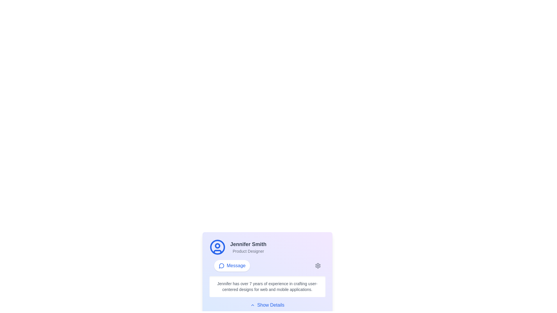 The image size is (557, 313). I want to click on attention on the User Profile Header featuring the avatar icon and the name 'Jennifer Smith' to identify the user, so click(267, 247).